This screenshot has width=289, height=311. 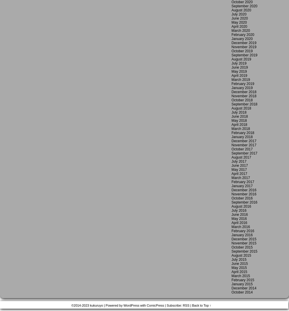 What do you see at coordinates (231, 51) in the screenshot?
I see `'October 2019'` at bounding box center [231, 51].